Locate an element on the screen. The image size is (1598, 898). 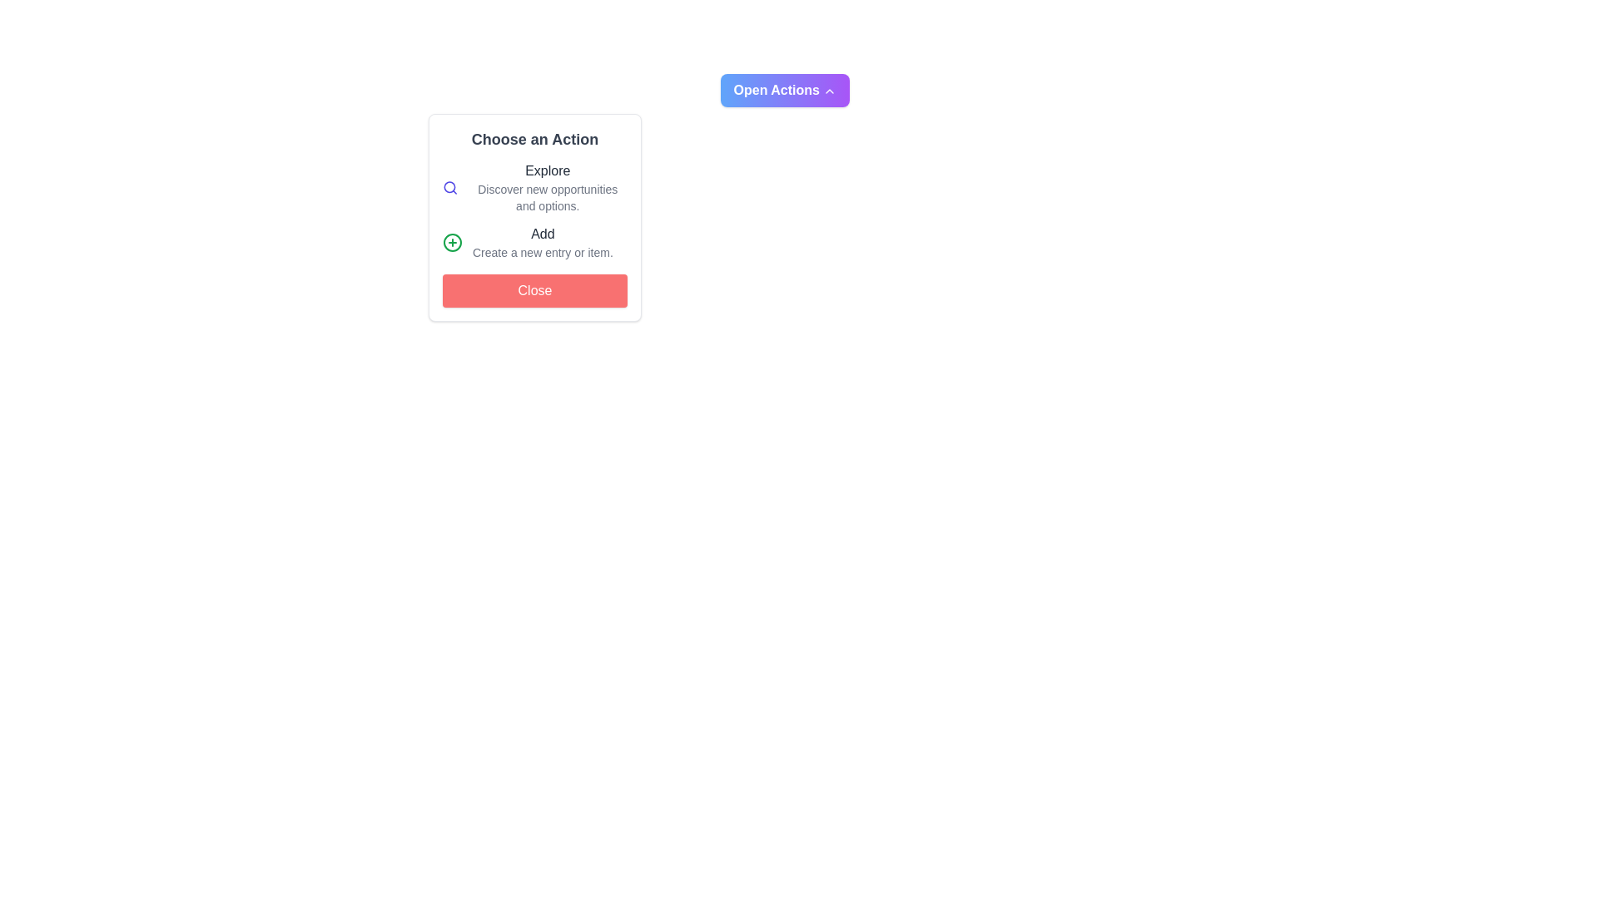
the informative text block with an icon located in the modal dialog labeled 'Choose an Action', centered below the 'Explore' section is located at coordinates (535, 243).